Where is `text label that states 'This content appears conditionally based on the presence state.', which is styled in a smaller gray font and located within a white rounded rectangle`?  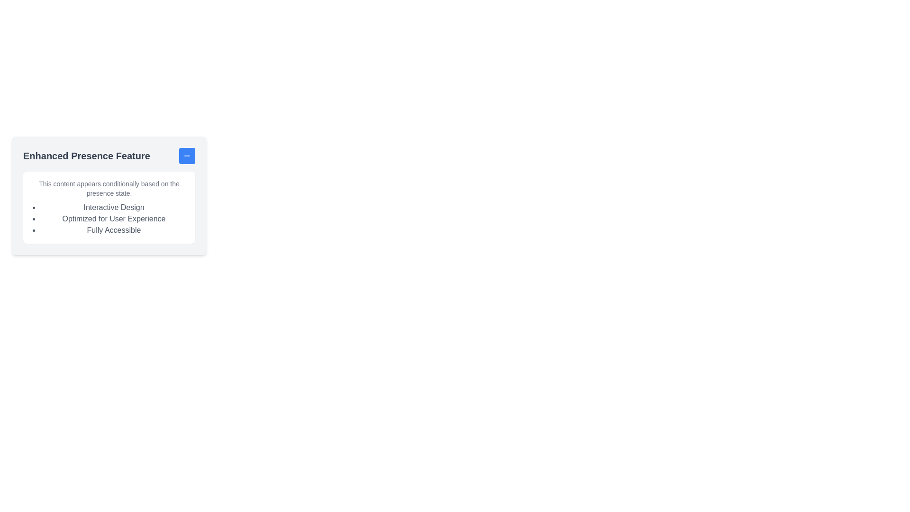 text label that states 'This content appears conditionally based on the presence state.', which is styled in a smaller gray font and located within a white rounded rectangle is located at coordinates (109, 188).